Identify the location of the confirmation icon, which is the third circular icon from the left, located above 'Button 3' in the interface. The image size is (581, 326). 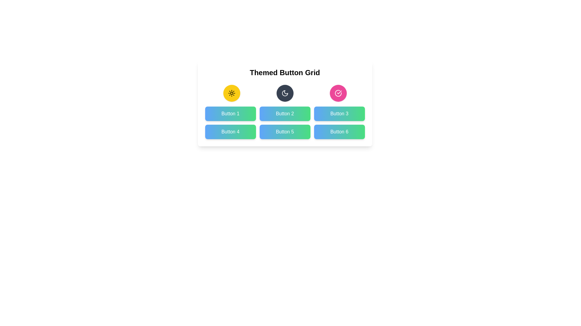
(338, 93).